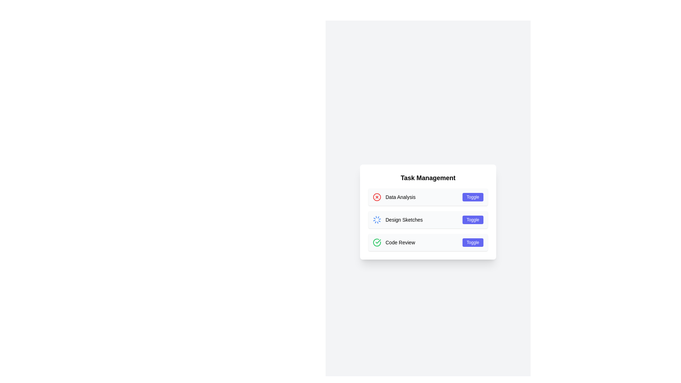 This screenshot has width=681, height=383. What do you see at coordinates (473, 220) in the screenshot?
I see `the indigo 'Toggle' button with rounded edges located on the right side of the 'Design Sketches' section` at bounding box center [473, 220].